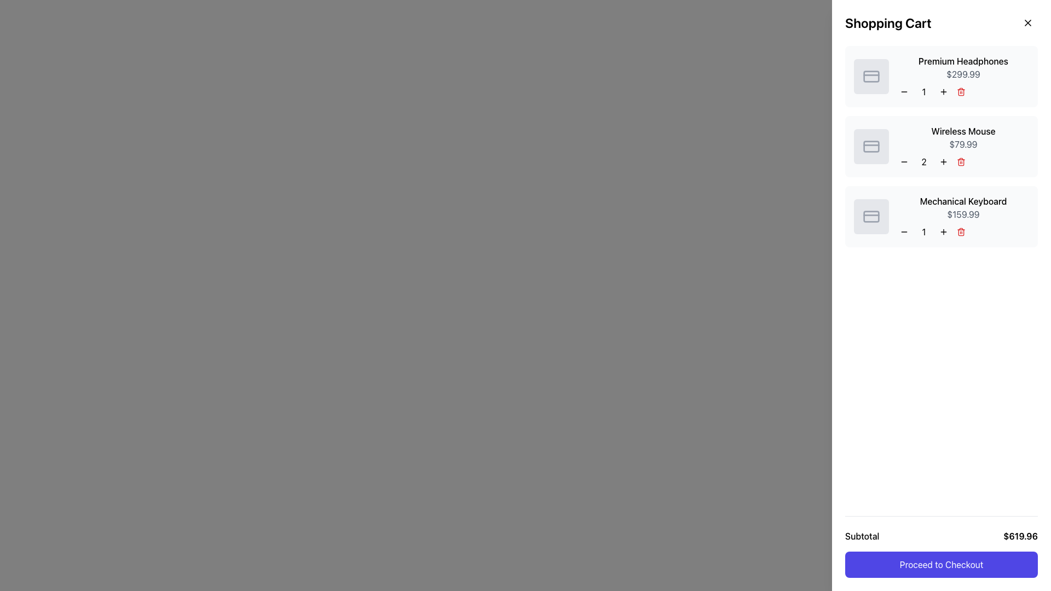 This screenshot has height=591, width=1051. What do you see at coordinates (943, 162) in the screenshot?
I see `the increment button for the 'Wireless Mouse' to receive visual feedback indicating it's clickable` at bounding box center [943, 162].